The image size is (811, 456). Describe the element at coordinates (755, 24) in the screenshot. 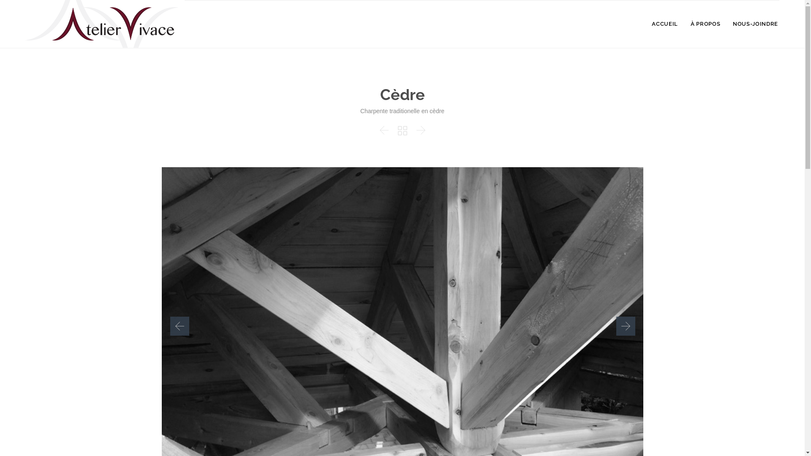

I see `'NOUS-JOINDRE'` at that location.